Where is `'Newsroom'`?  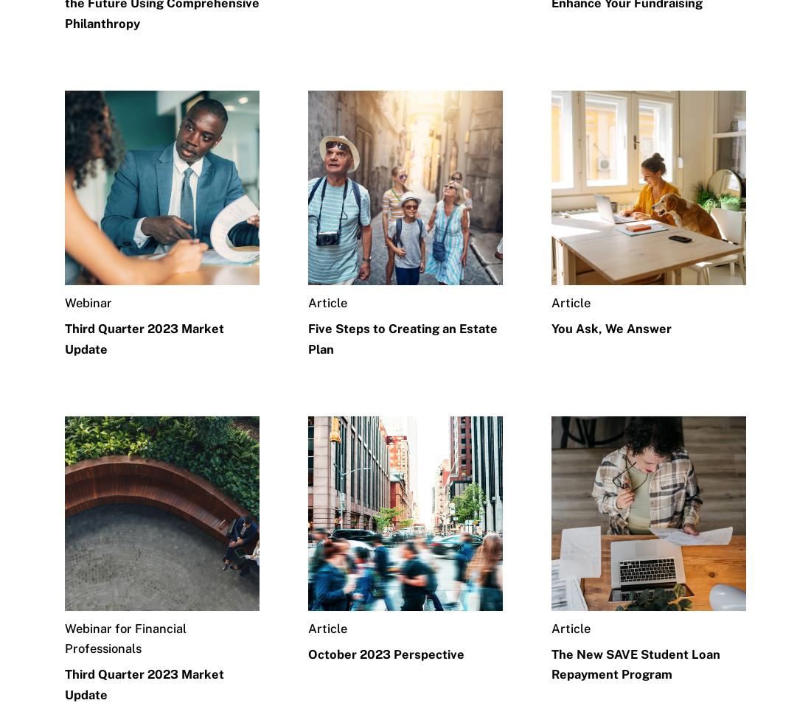
'Newsroom' is located at coordinates (269, 478).